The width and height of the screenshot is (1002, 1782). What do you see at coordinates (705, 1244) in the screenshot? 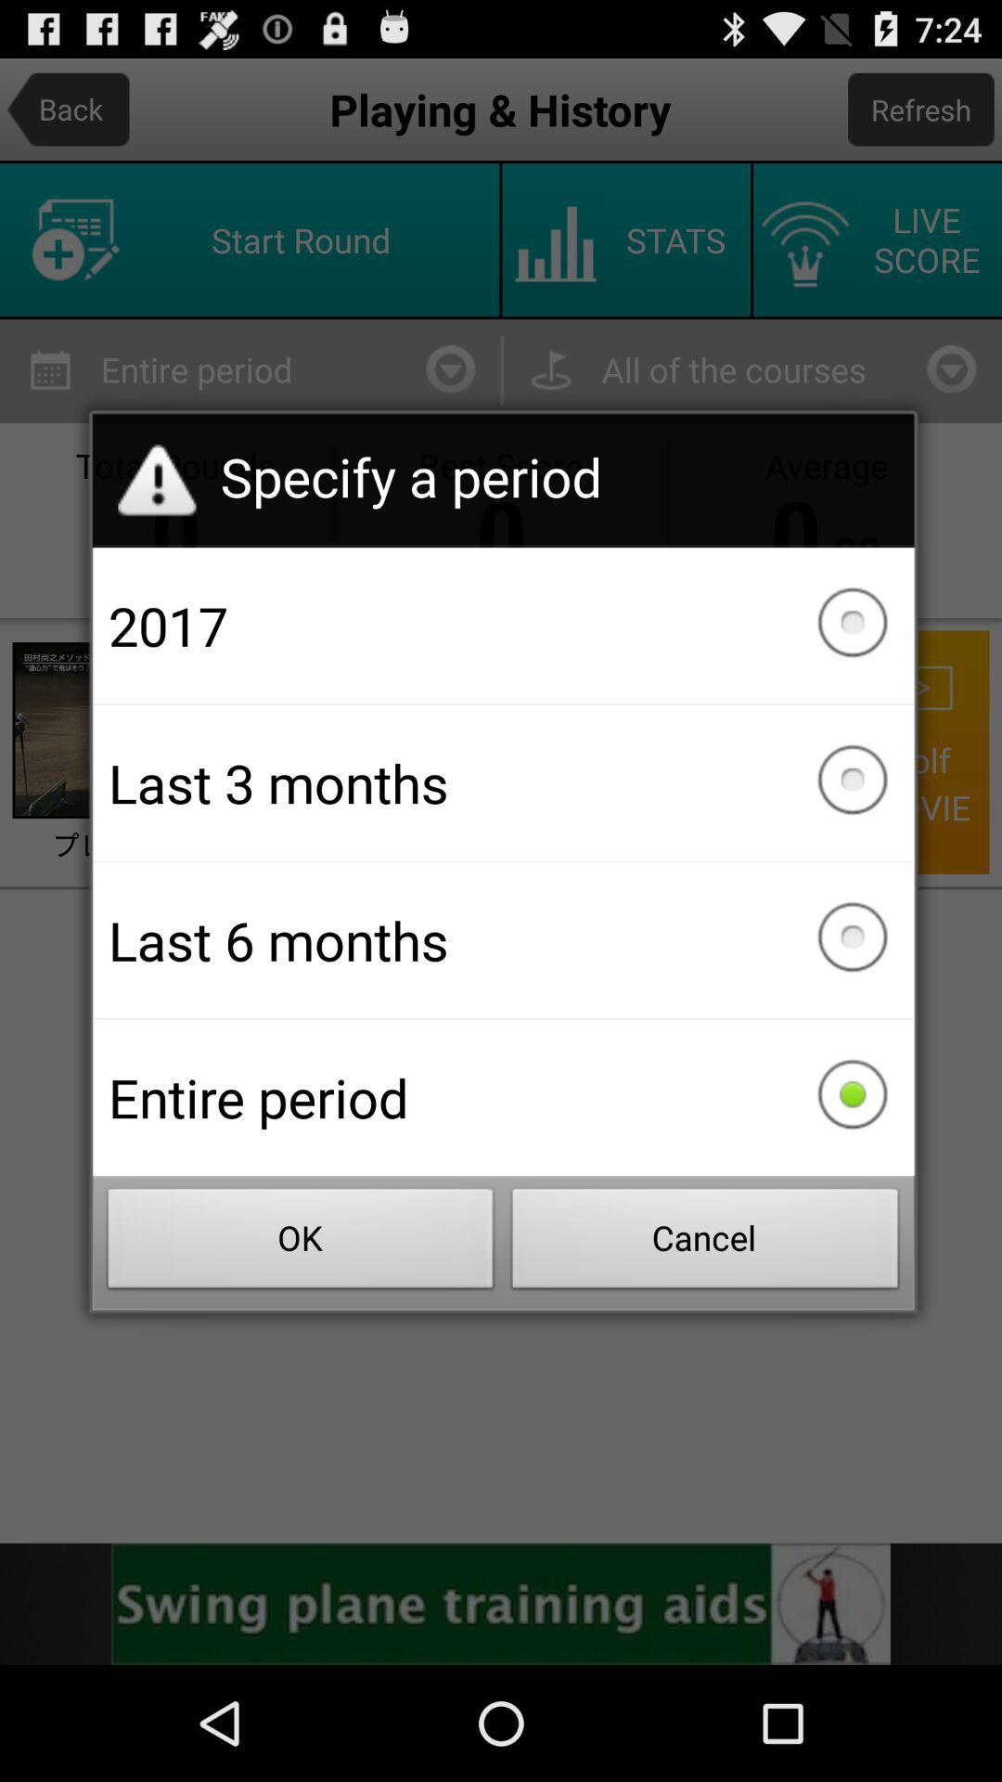
I see `the button next to the ok icon` at bounding box center [705, 1244].